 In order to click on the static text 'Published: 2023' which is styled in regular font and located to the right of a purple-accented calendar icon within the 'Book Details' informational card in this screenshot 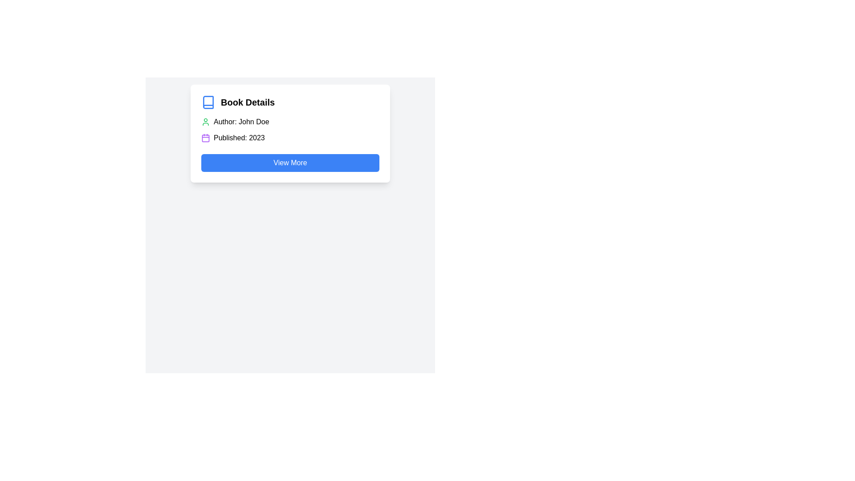, I will do `click(239, 138)`.